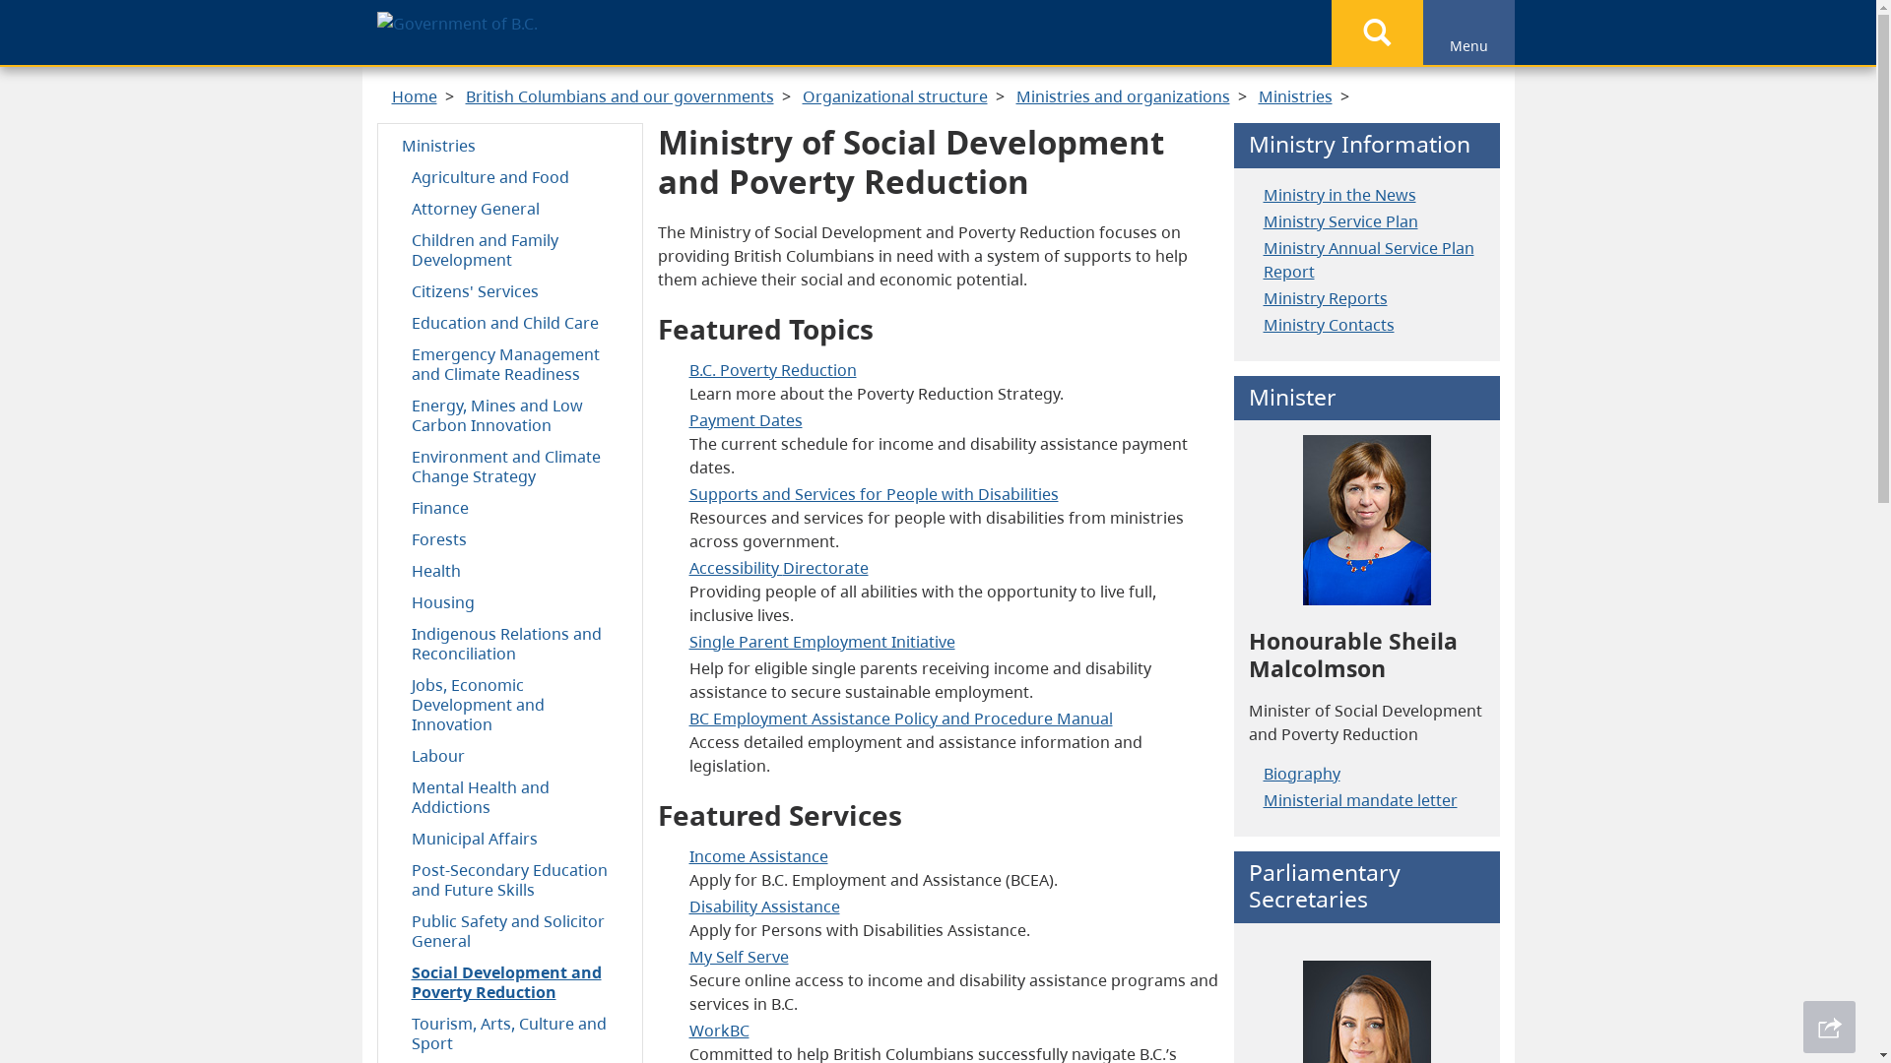  I want to click on 'Ministries and organizations', so click(1016, 95).